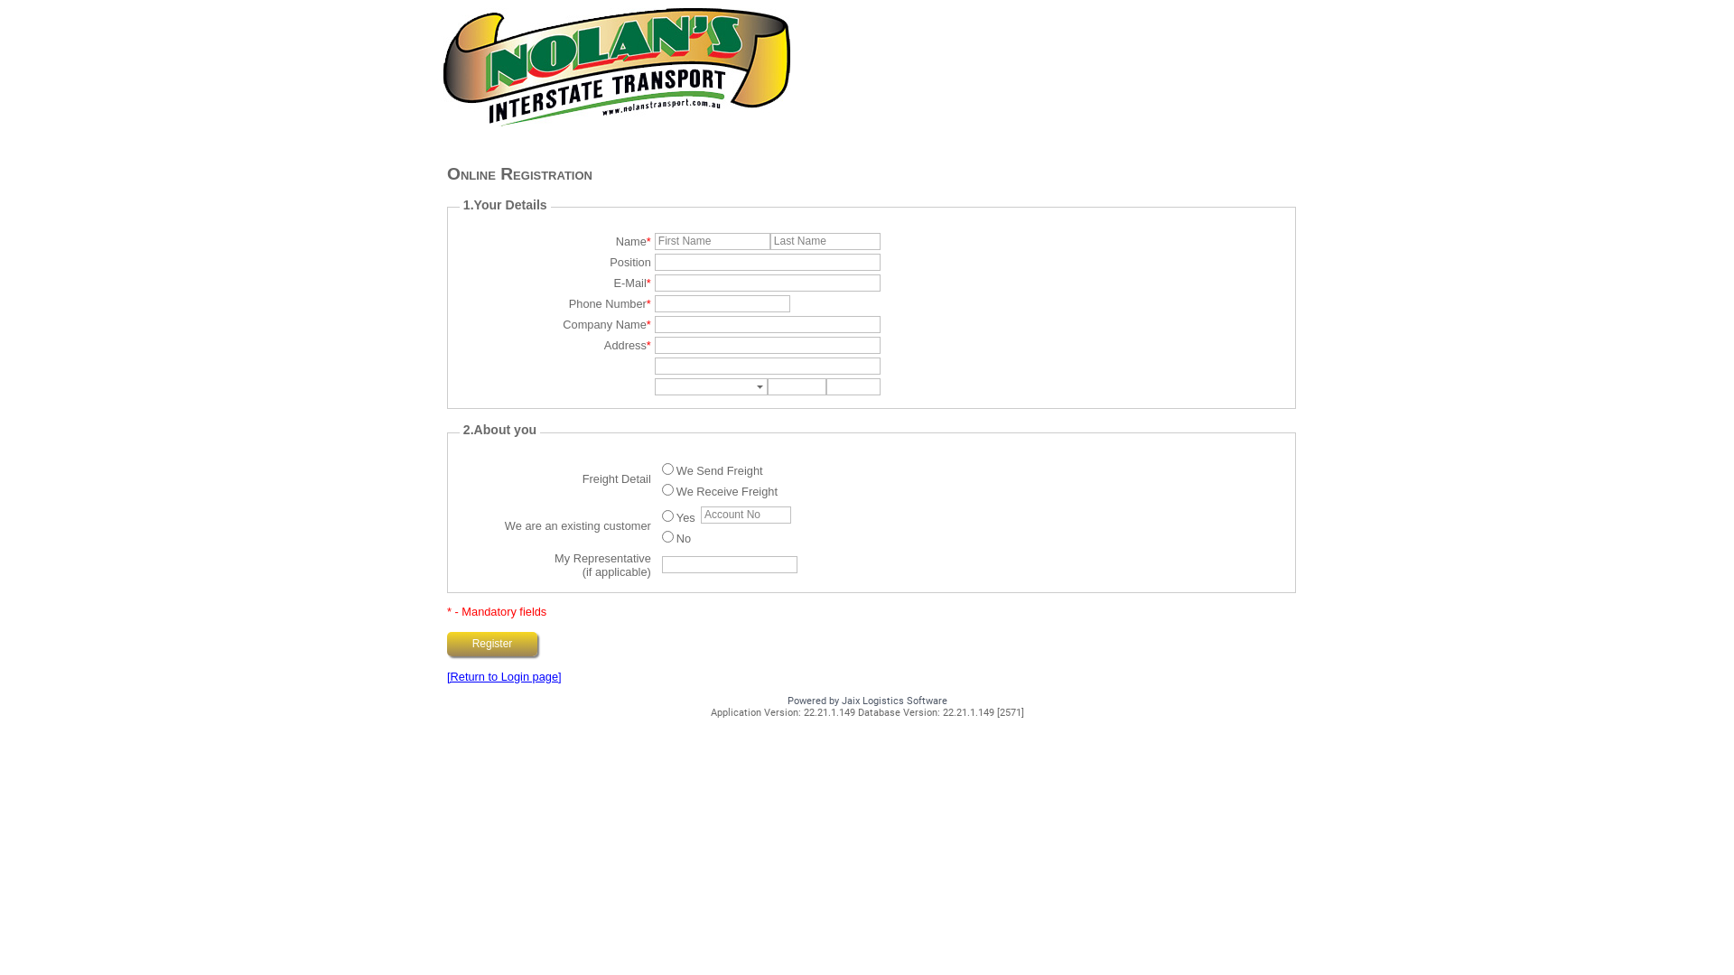  Describe the element at coordinates (661, 563) in the screenshot. I see `'Your Sales Repren'` at that location.